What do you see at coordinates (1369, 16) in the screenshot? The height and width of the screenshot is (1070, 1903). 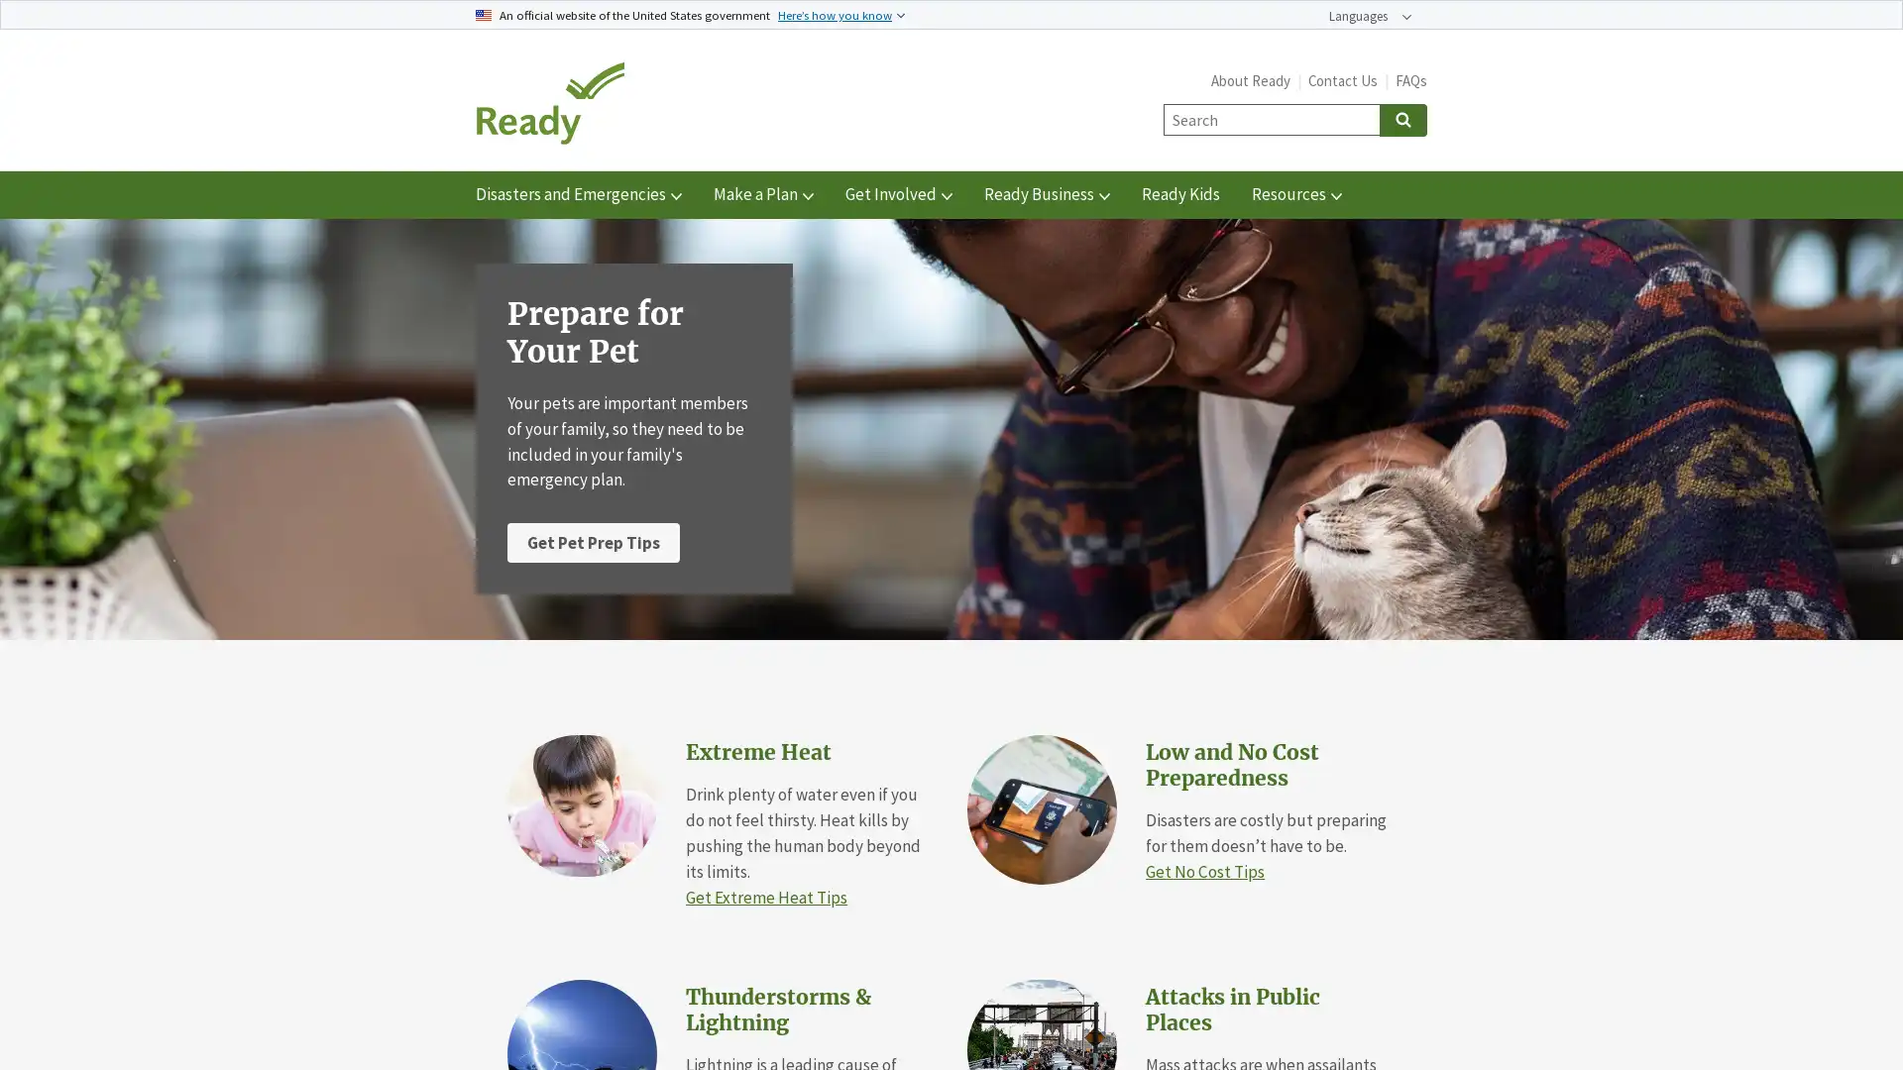 I see `Languages` at bounding box center [1369, 16].